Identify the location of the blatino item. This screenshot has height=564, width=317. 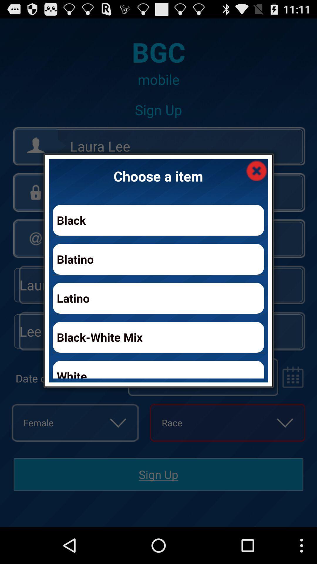
(158, 259).